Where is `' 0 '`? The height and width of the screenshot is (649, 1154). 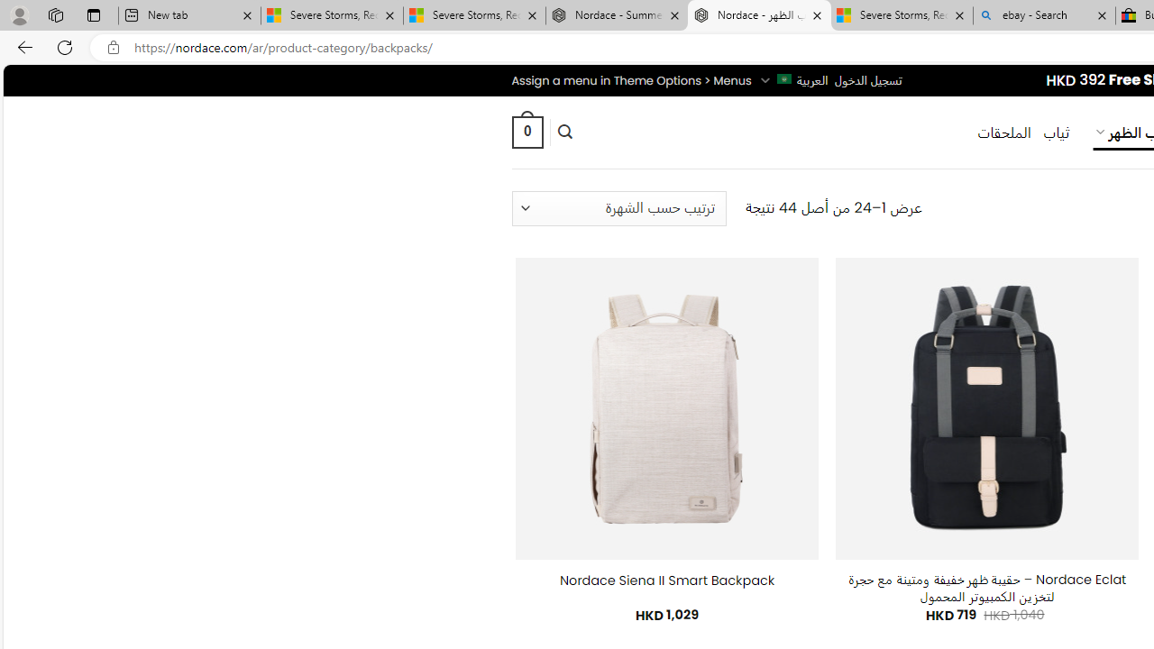 ' 0 ' is located at coordinates (526, 131).